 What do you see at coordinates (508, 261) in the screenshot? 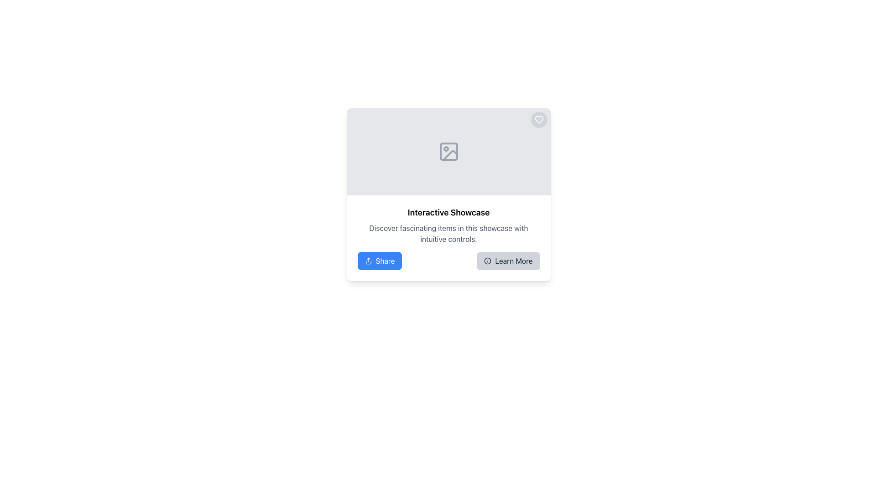
I see `the interactive button located to the right of the 'Share' button within the bottom section of a card` at bounding box center [508, 261].